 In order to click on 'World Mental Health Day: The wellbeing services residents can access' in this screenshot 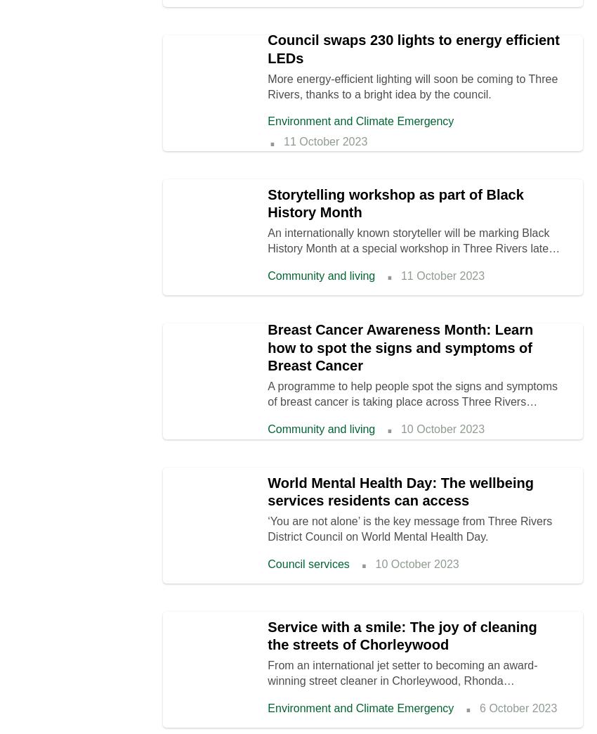, I will do `click(400, 490)`.